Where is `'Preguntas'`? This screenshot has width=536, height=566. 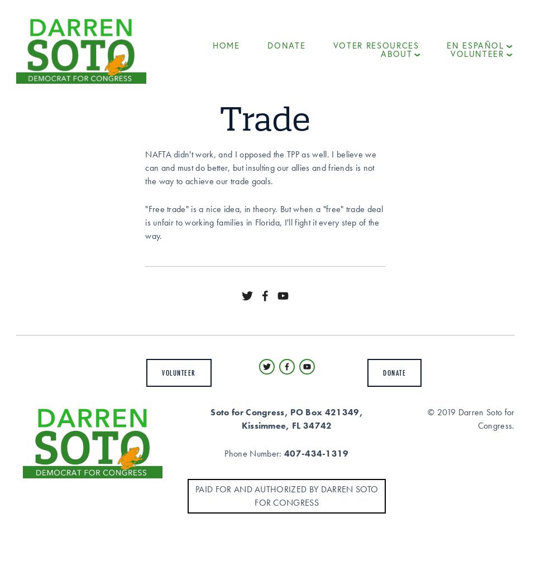
'Preguntas' is located at coordinates (472, 102).